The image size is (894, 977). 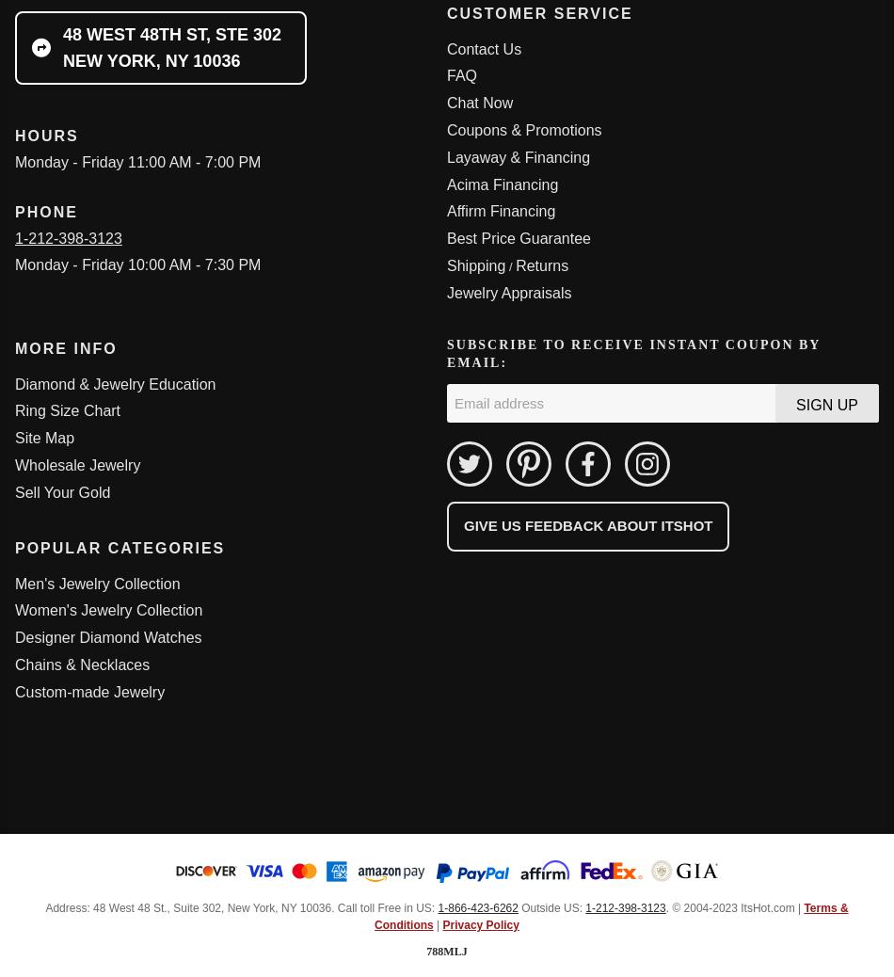 I want to click on '1-866-423-6262', so click(x=437, y=906).